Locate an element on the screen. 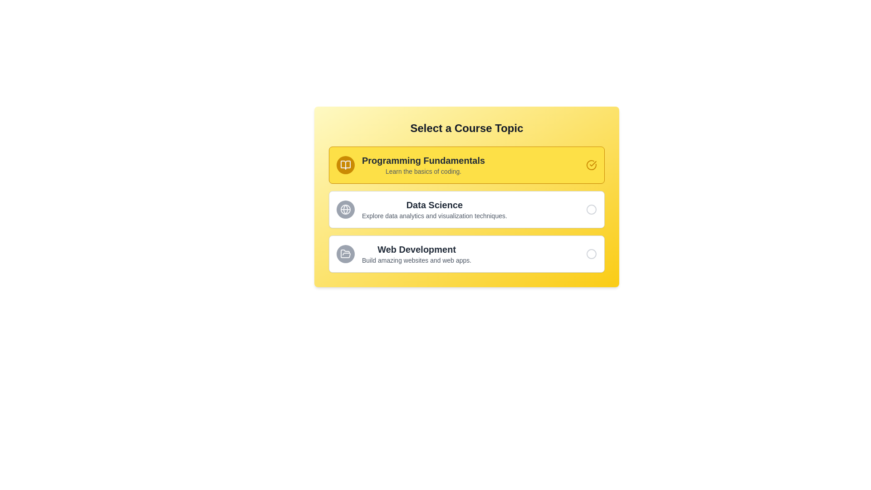 The image size is (871, 490). the rounded yellow icon with a white book graphic, located on the left-hand side of the 'Programming Fundamentals' section is located at coordinates (345, 165).